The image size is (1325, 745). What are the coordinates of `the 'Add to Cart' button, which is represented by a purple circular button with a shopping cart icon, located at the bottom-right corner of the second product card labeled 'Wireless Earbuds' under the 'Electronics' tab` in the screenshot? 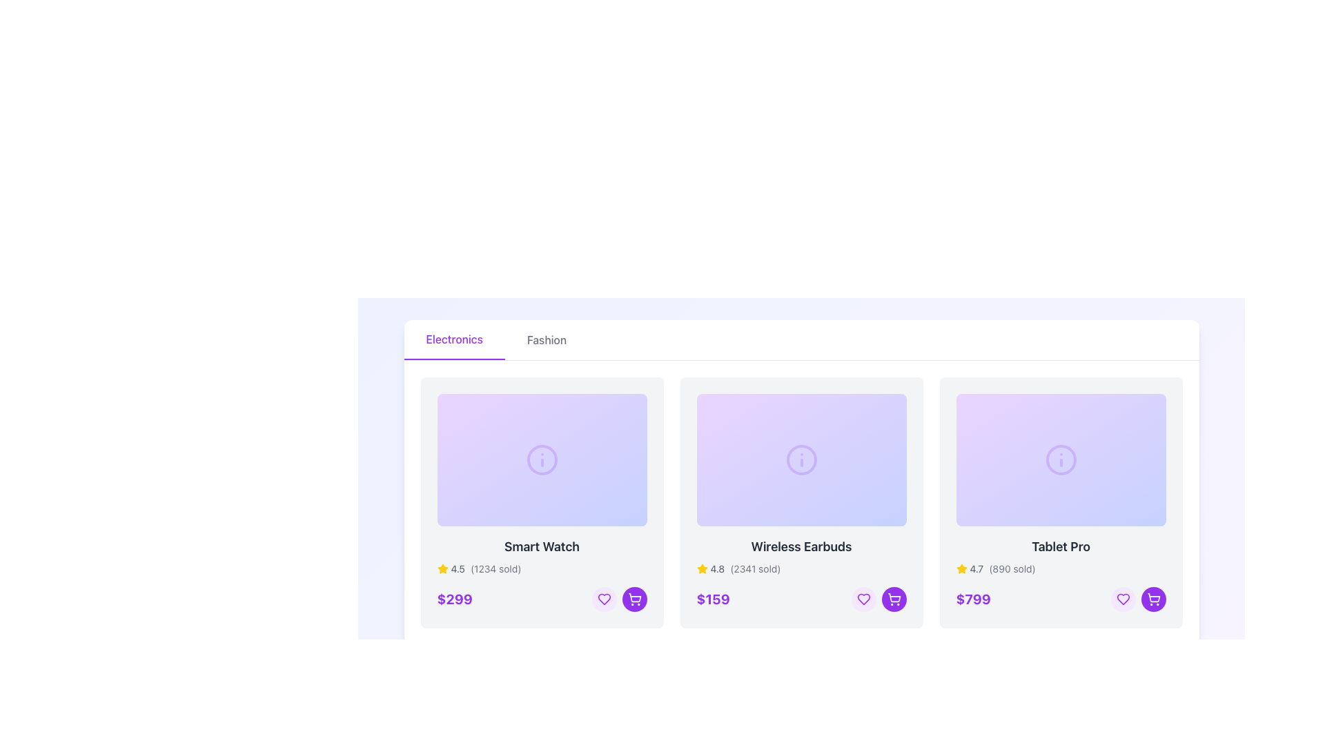 It's located at (634, 598).